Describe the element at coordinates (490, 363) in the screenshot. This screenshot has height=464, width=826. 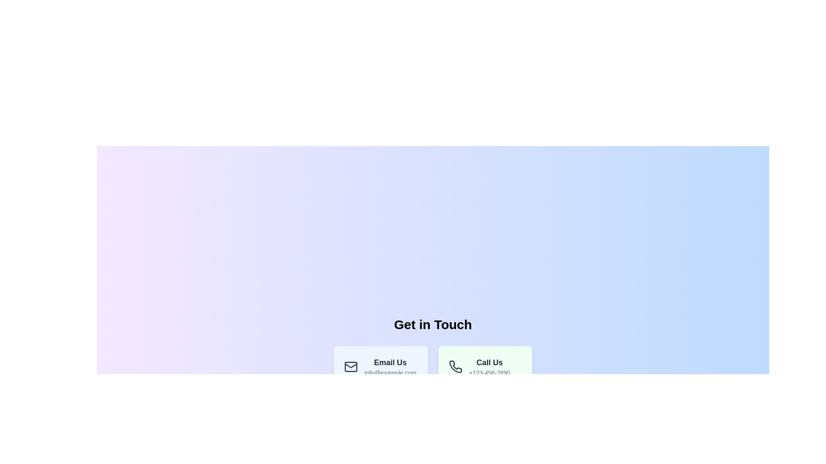
I see `the 'Call Us' static text label, which is prominently displayed in bold dark gray font within a light green-bordered box in the bottom right corner of the interface` at that location.